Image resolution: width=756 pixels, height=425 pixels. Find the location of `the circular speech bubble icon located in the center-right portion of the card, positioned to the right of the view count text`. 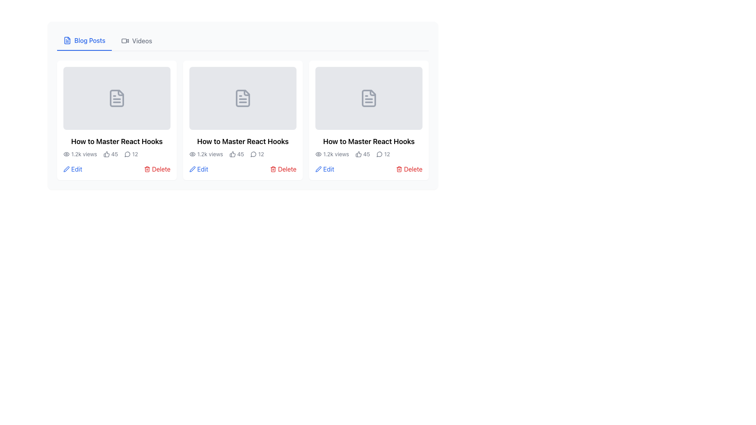

the circular speech bubble icon located in the center-right portion of the card, positioned to the right of the view count text is located at coordinates (127, 154).